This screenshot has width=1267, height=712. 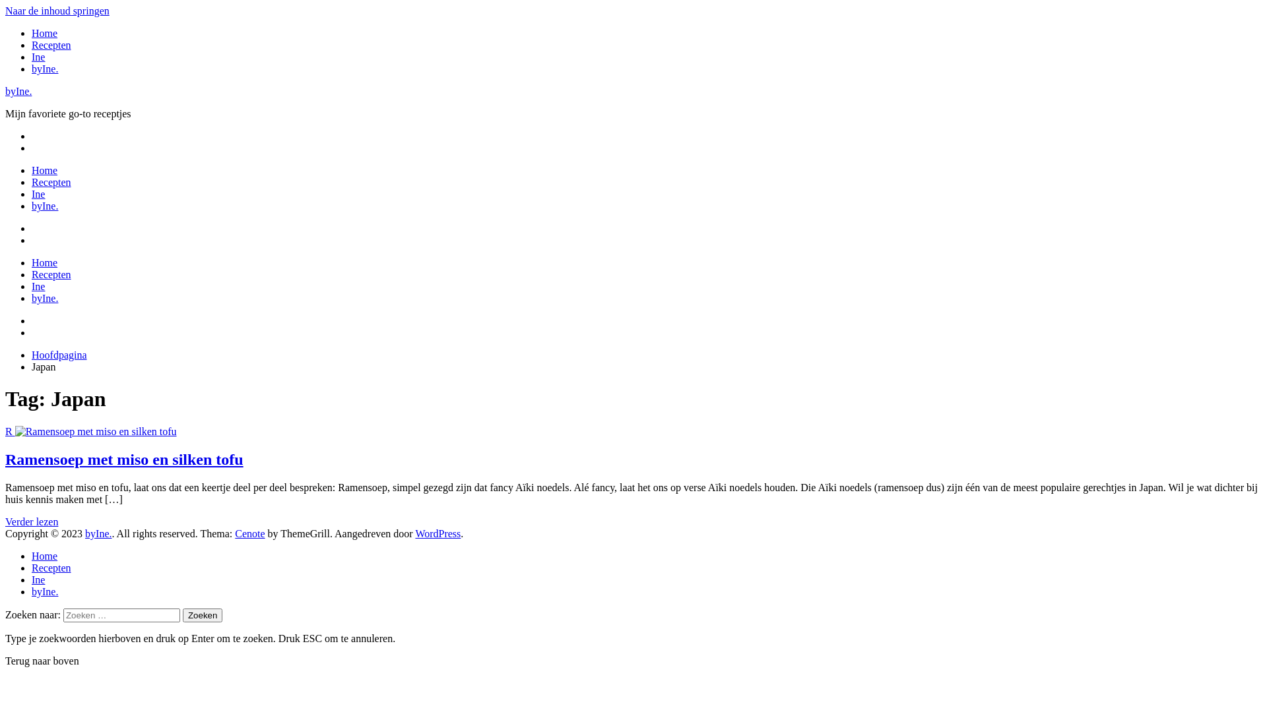 I want to click on 'Home', so click(x=44, y=556).